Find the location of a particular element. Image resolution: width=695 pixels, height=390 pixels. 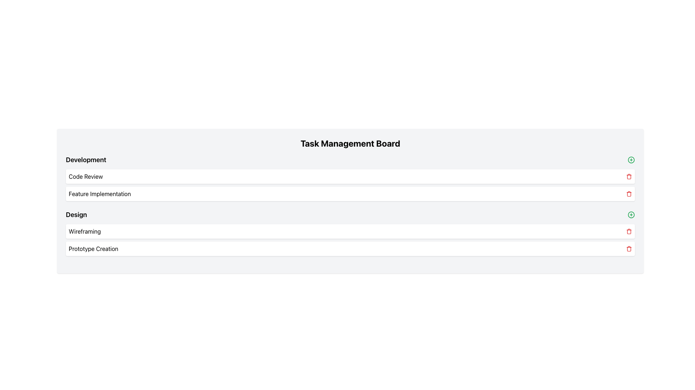

the innermost circular part of the 'plus' icon located in the top-right corner of the task management board in the 'Development' category is located at coordinates (631, 160).